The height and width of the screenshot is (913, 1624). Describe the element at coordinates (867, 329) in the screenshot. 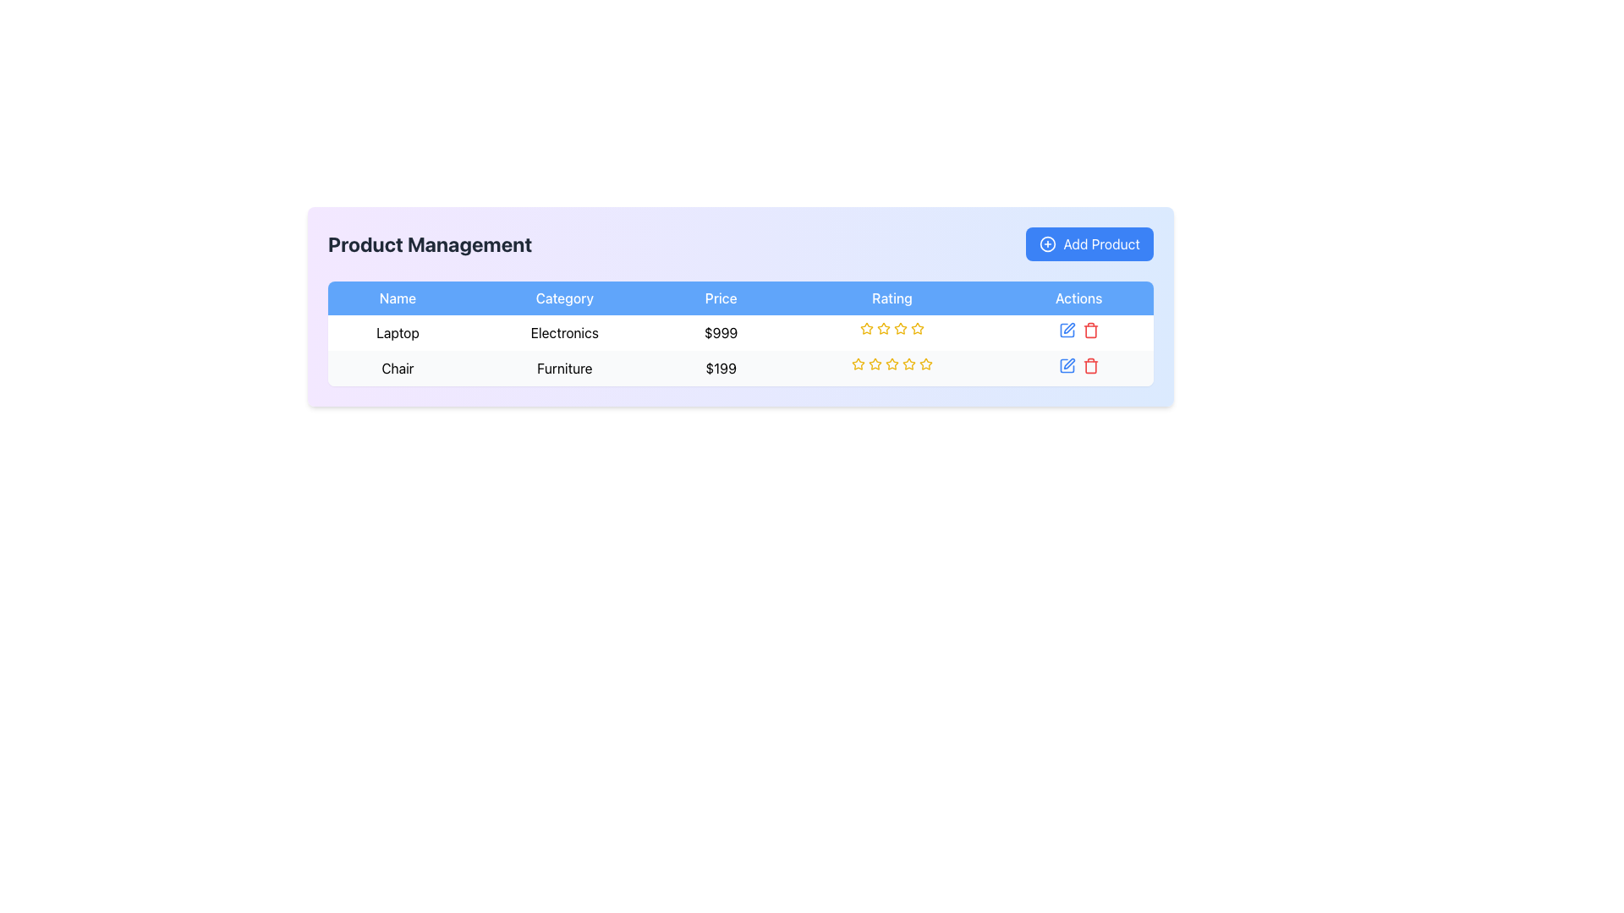

I see `the first yellow outlined star icon in the Rating column for the 'Laptop' row of the table` at that location.